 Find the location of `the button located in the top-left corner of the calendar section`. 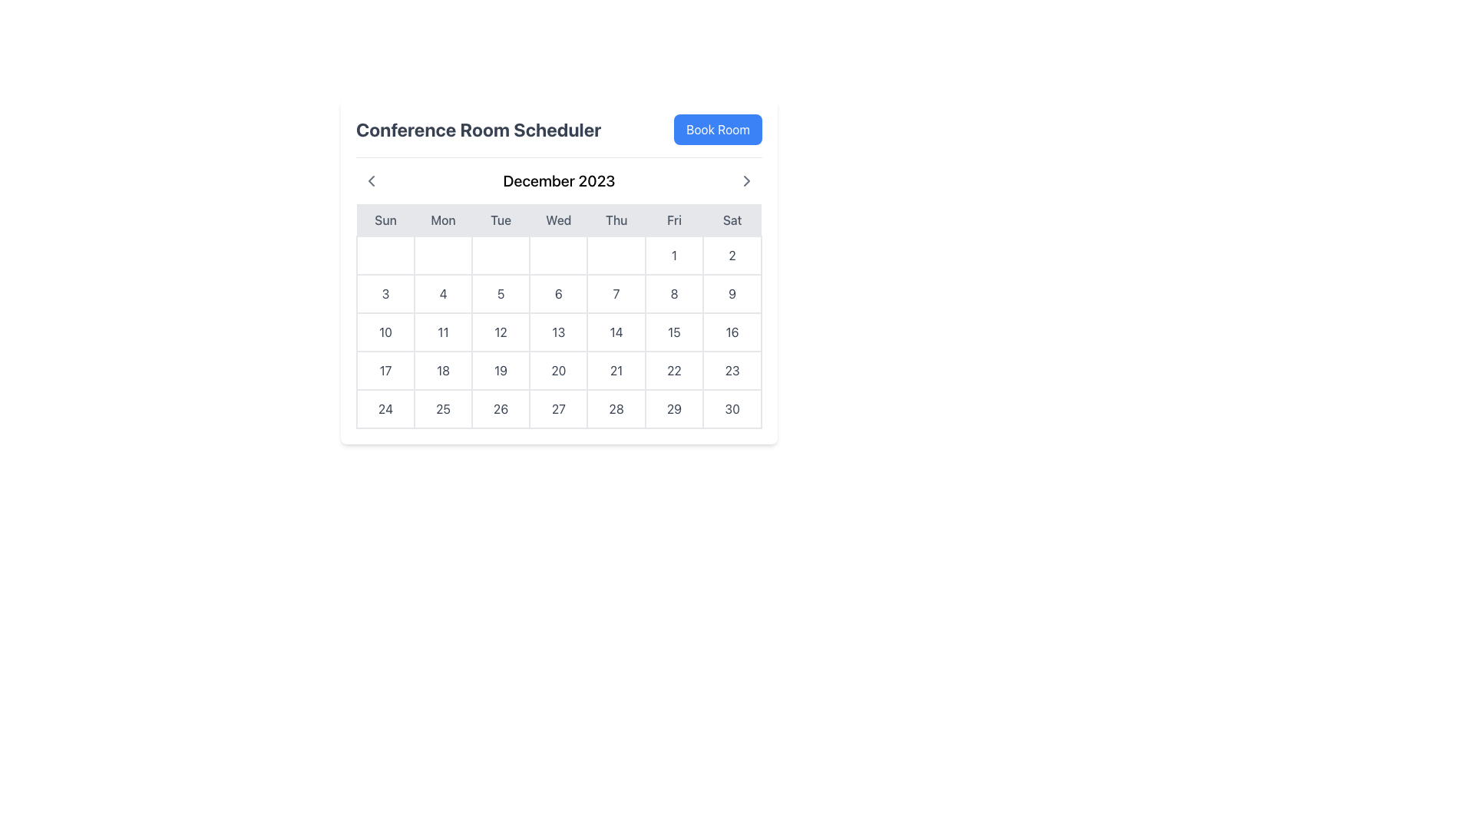

the button located in the top-left corner of the calendar section is located at coordinates (372, 180).